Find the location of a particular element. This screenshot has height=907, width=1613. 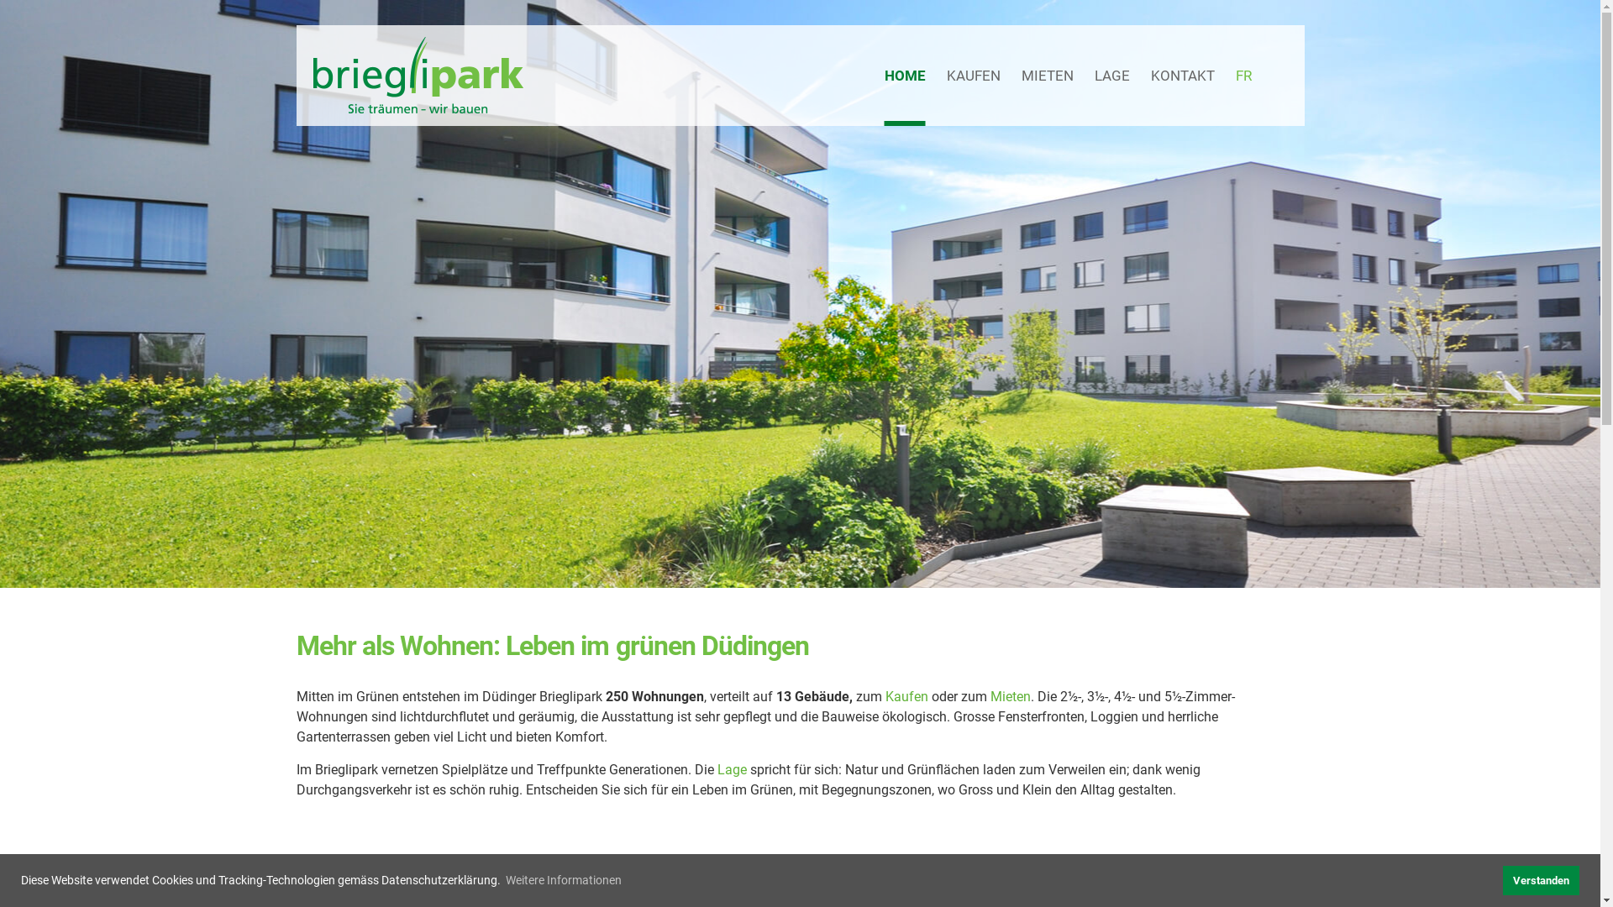

'MIETEN' is located at coordinates (1047, 74).